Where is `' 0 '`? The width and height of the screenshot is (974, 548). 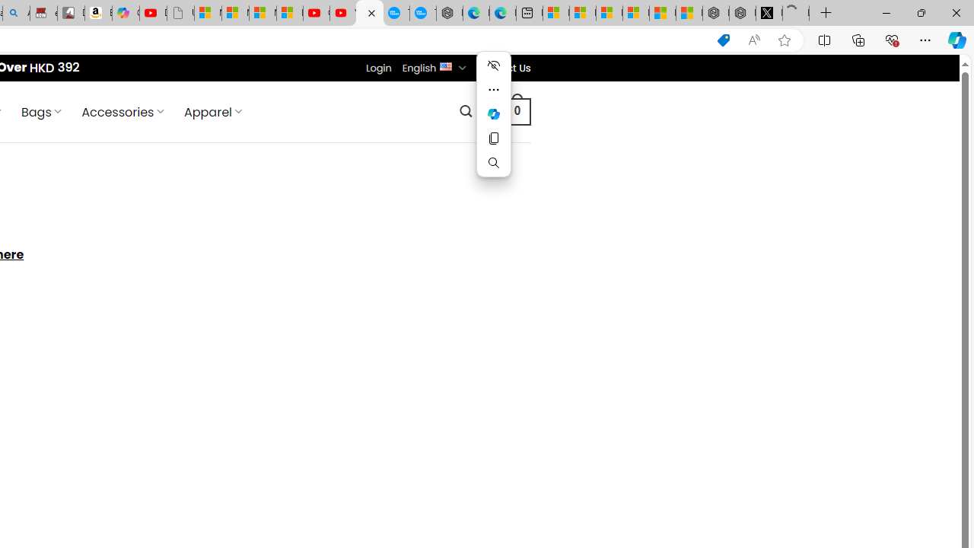 ' 0 ' is located at coordinates (517, 110).